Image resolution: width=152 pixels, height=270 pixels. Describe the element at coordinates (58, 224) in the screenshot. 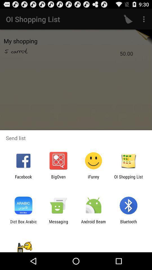

I see `icon next to the android beam` at that location.